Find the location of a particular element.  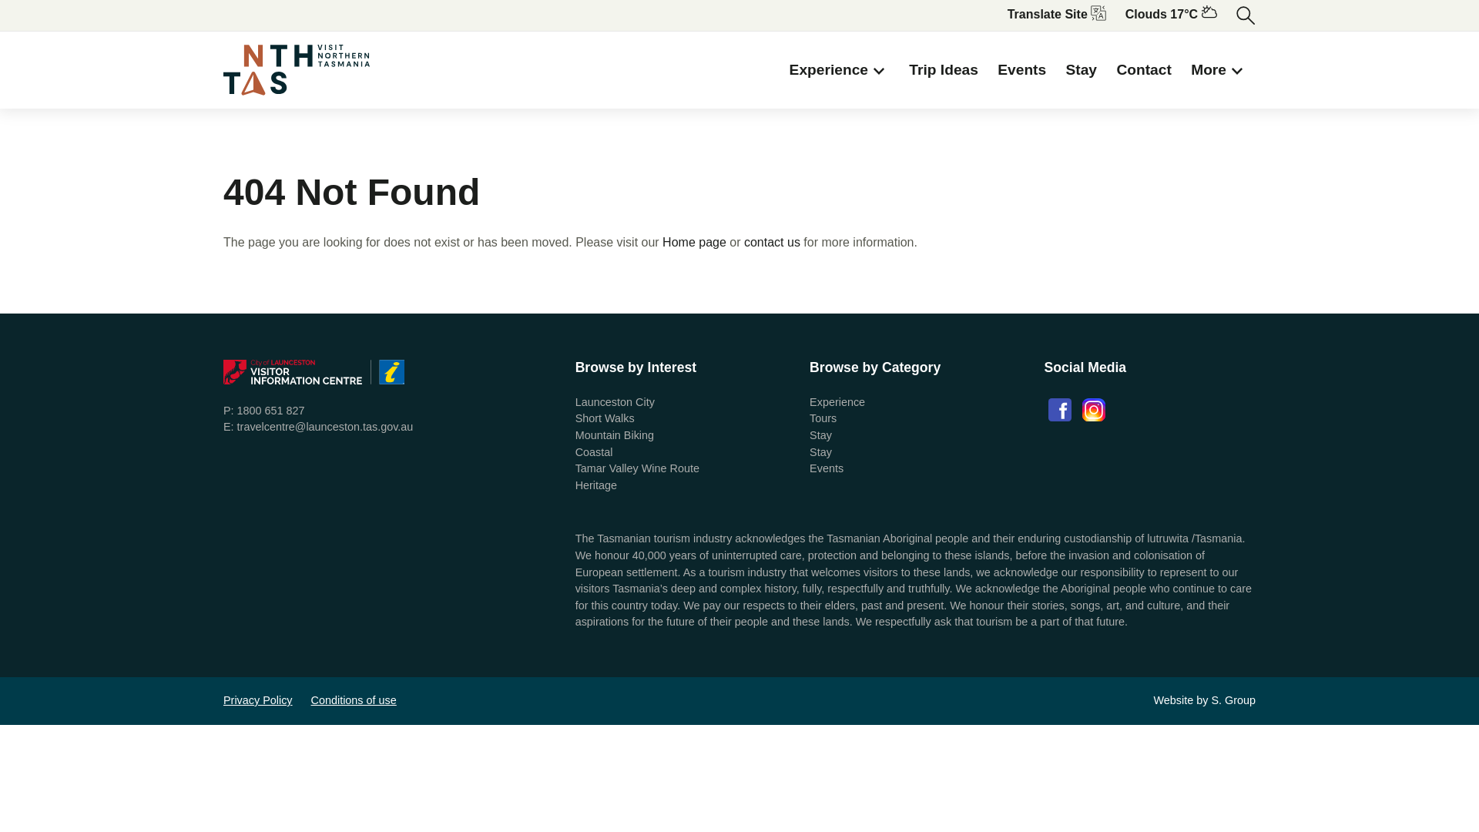

'Tamar Valley Wine Route' is located at coordinates (637, 468).